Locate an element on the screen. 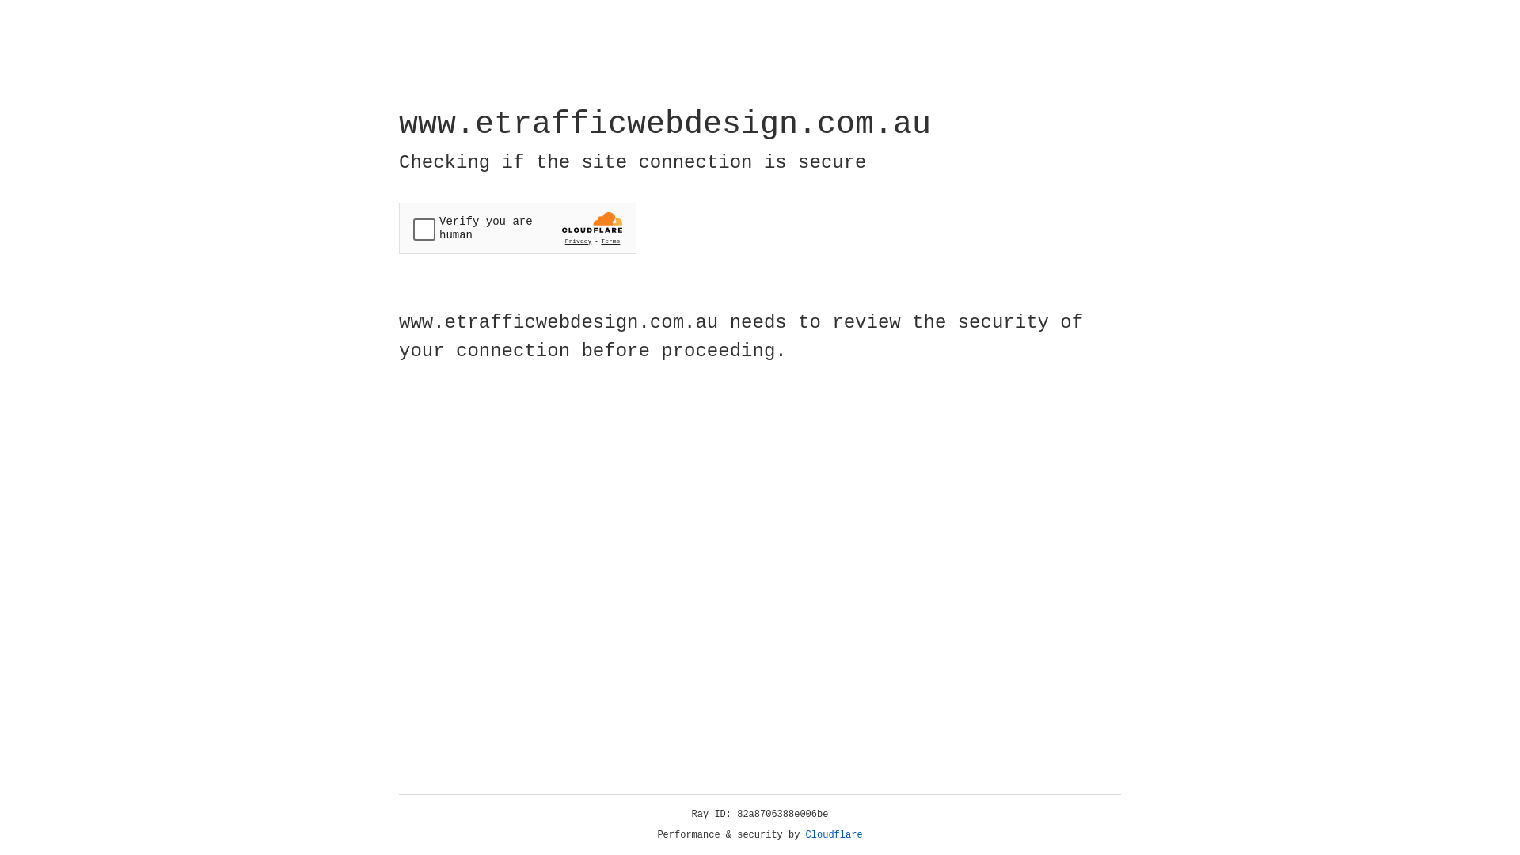 The width and height of the screenshot is (1520, 855). 'Cloudflare' is located at coordinates (834, 834).